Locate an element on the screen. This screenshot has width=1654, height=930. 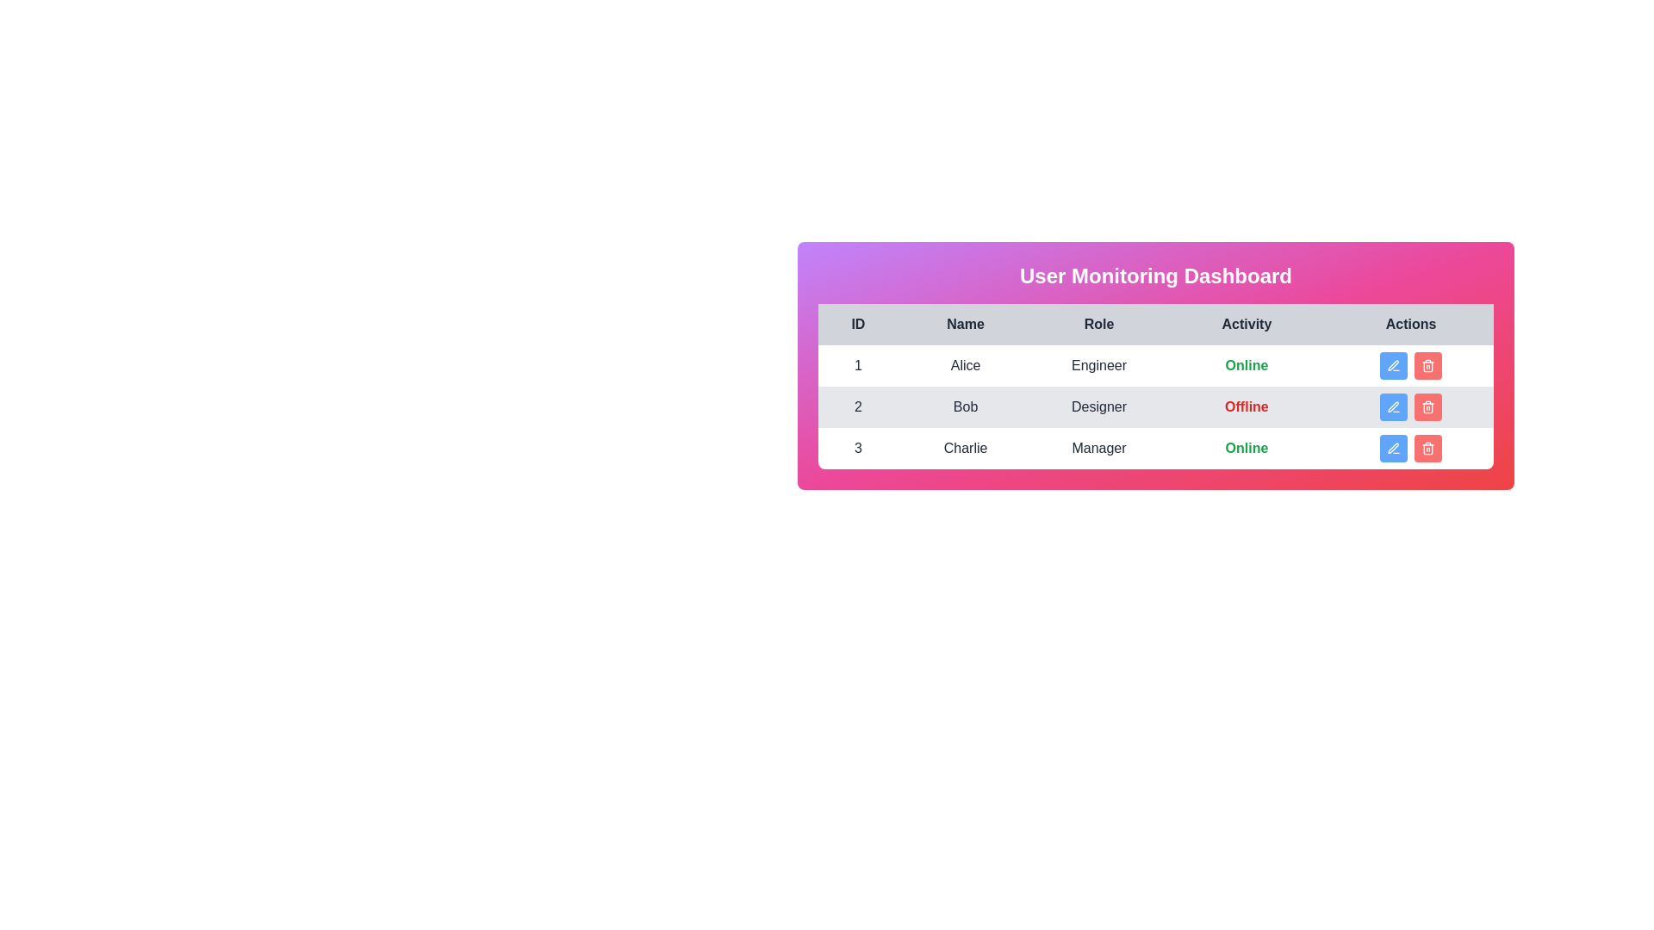
the column header labeled 'Activity' to sort the table by that column is located at coordinates (1247, 325).